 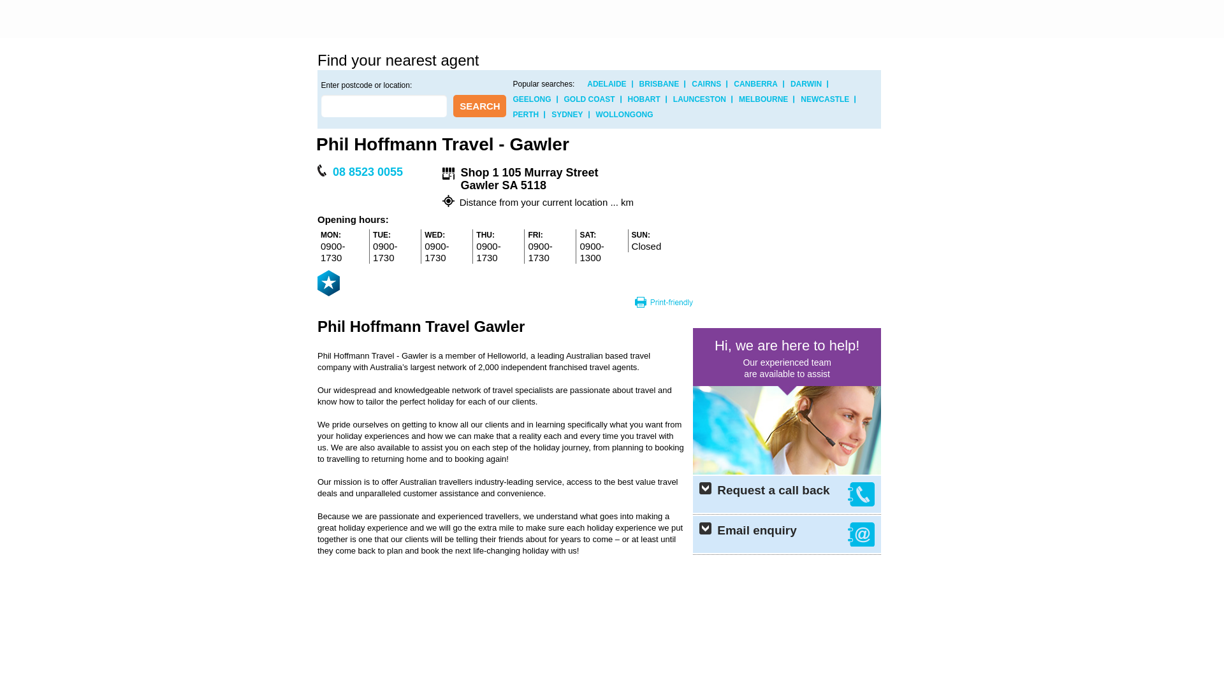 I want to click on 'DARWIN', so click(x=805, y=83).